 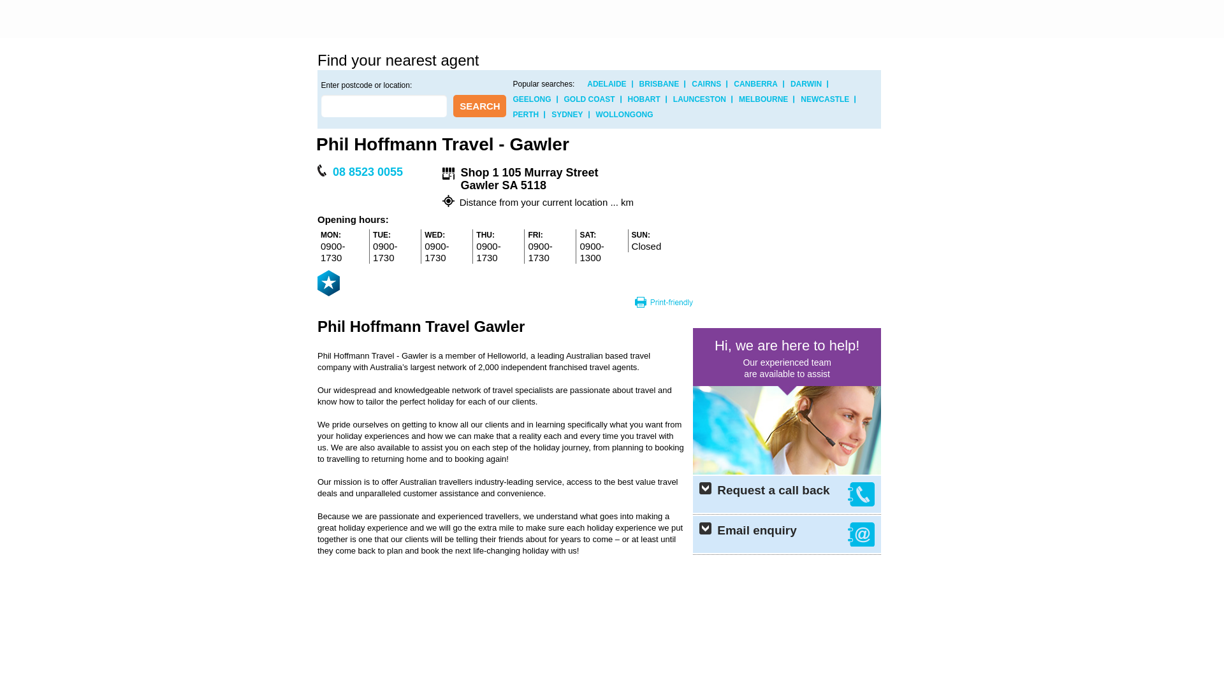 I want to click on 'DARWIN', so click(x=805, y=83).